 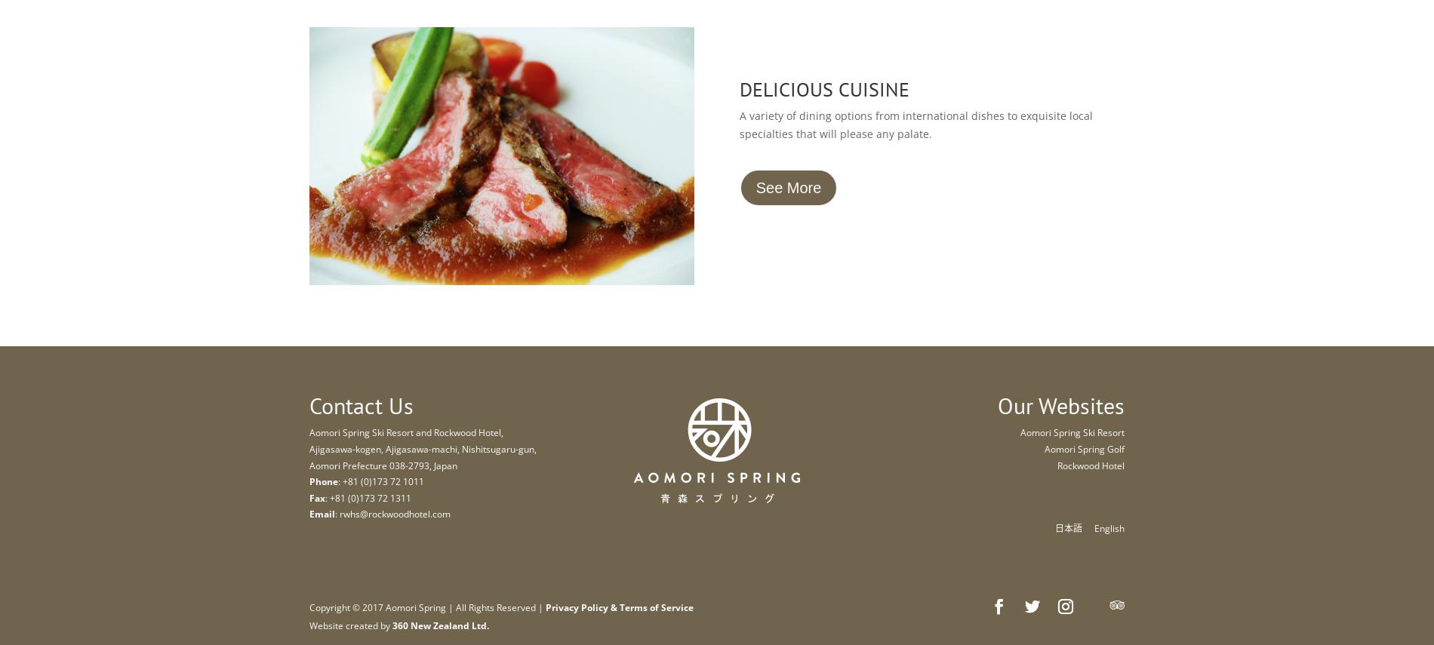 What do you see at coordinates (316, 497) in the screenshot?
I see `'Fax'` at bounding box center [316, 497].